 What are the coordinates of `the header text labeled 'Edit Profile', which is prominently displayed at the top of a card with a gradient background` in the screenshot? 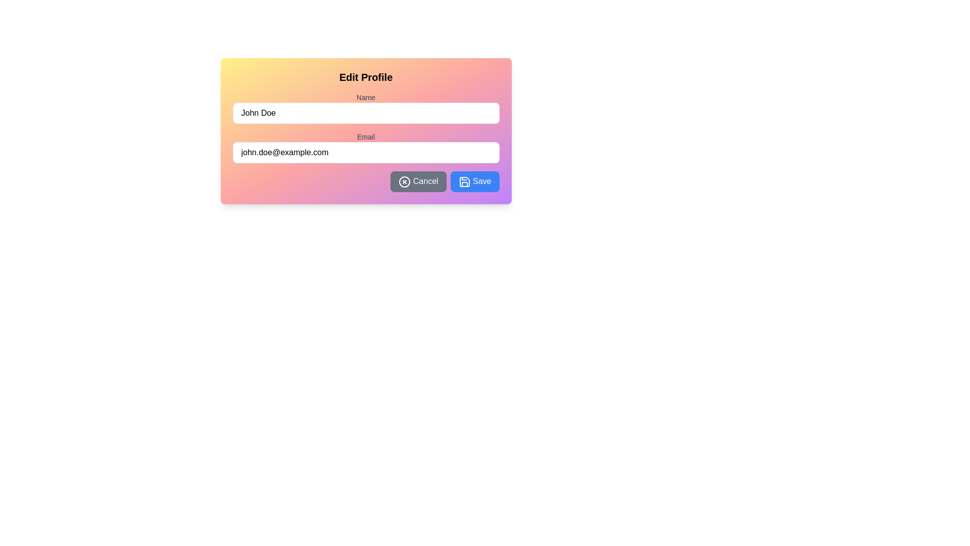 It's located at (365, 77).